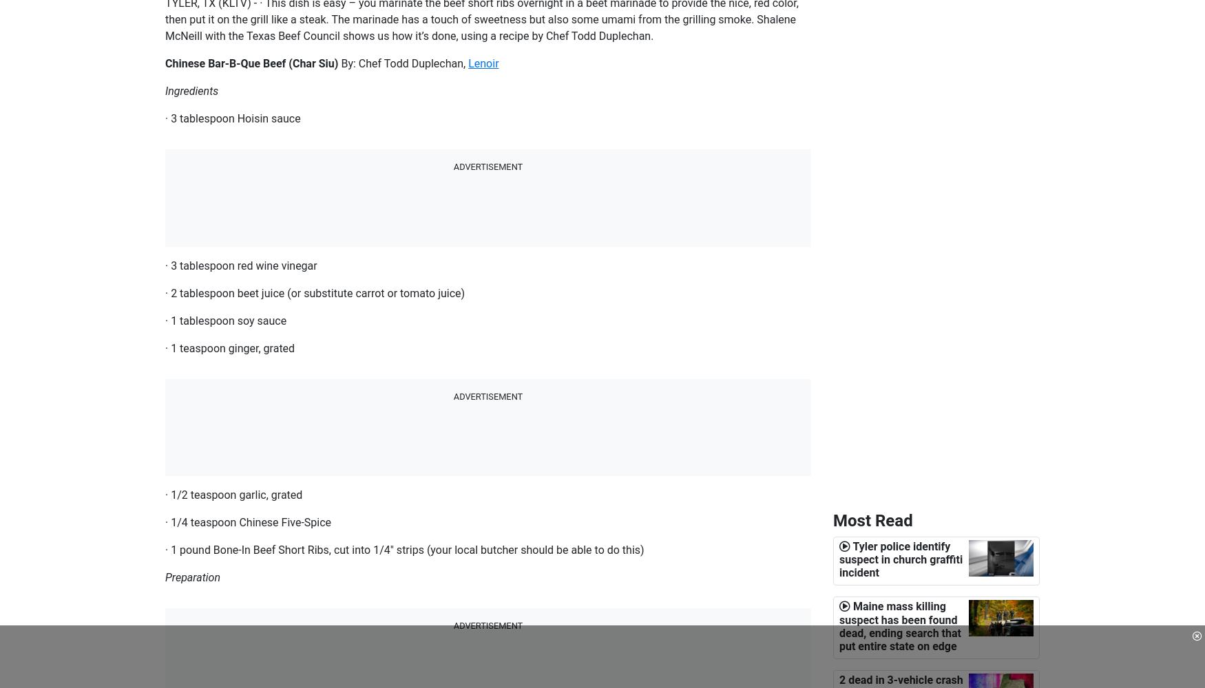 The image size is (1205, 688). Describe the element at coordinates (832, 521) in the screenshot. I see `'Most Read'` at that location.